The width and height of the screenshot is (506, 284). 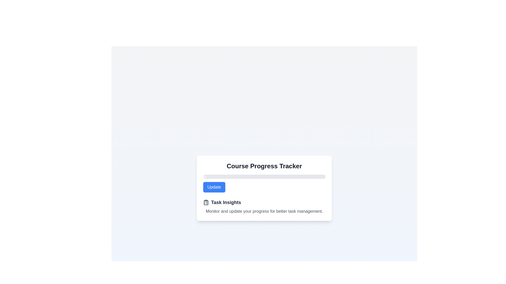 What do you see at coordinates (264, 211) in the screenshot?
I see `text segment that reads 'Monitor and update your progress for better task management.' styled in gray font on a white background, located at the bottom of the card under the heading 'Task Insights.'` at bounding box center [264, 211].